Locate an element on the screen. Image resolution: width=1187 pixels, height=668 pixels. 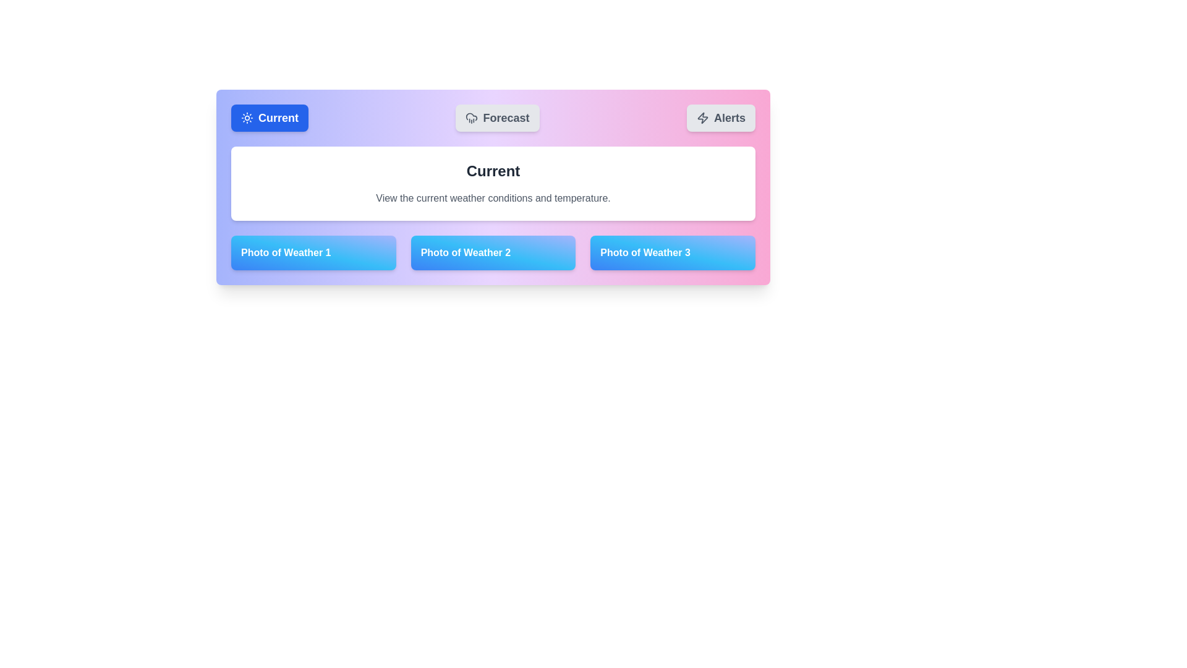
the button labeled 'Forecast' in the navigation bar located at the top of the interface is located at coordinates (492, 118).